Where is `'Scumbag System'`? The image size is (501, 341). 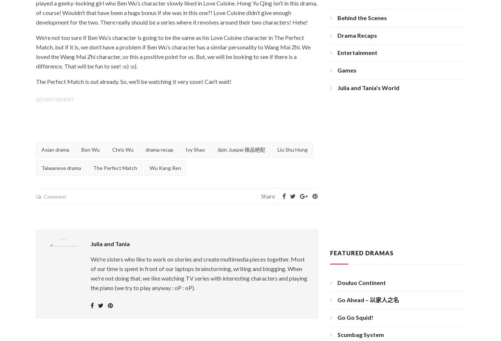 'Scumbag System' is located at coordinates (361, 334).